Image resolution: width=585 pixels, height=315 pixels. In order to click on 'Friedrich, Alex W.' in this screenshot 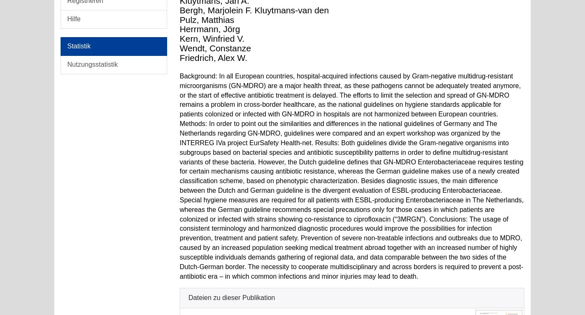, I will do `click(213, 58)`.